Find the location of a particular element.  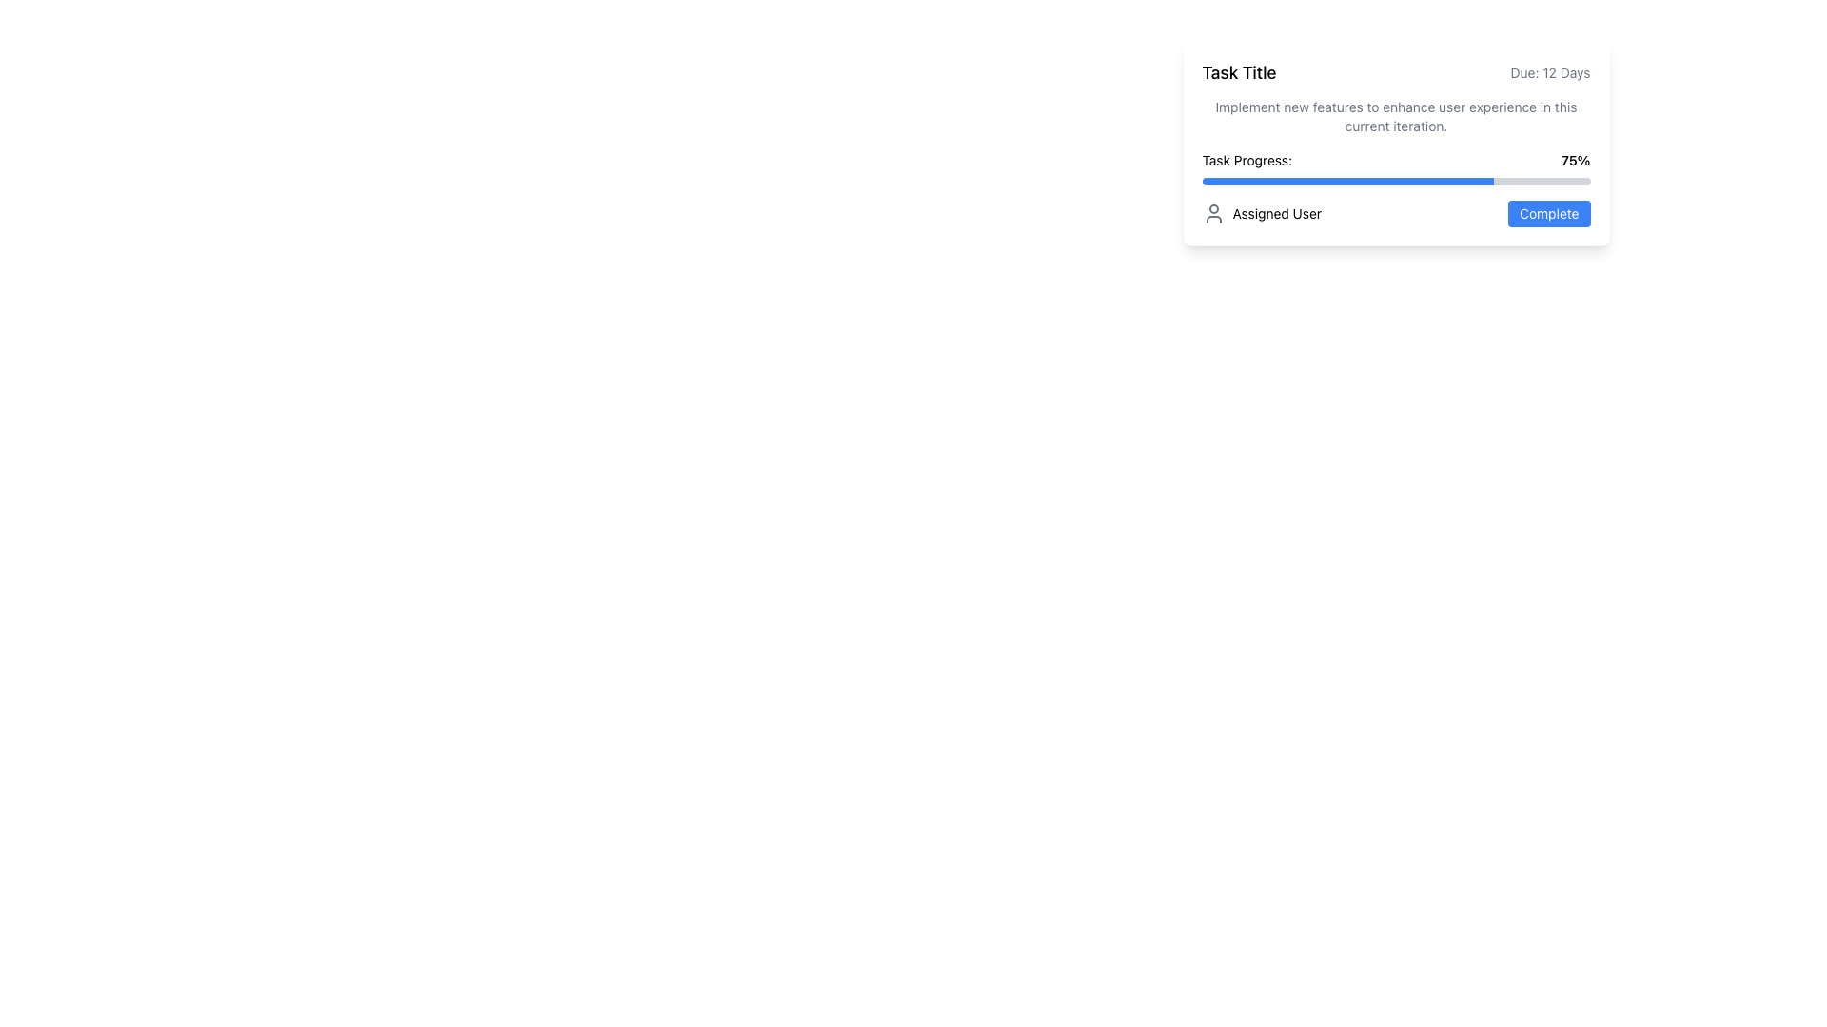

the progress bar that visually represents the completion status of a task, indicating that 75% of the task progress is achieved, located below the 'Task Progress: 75%' label and above the 'Assigned User' and 'Complete' button is located at coordinates (1396, 182).